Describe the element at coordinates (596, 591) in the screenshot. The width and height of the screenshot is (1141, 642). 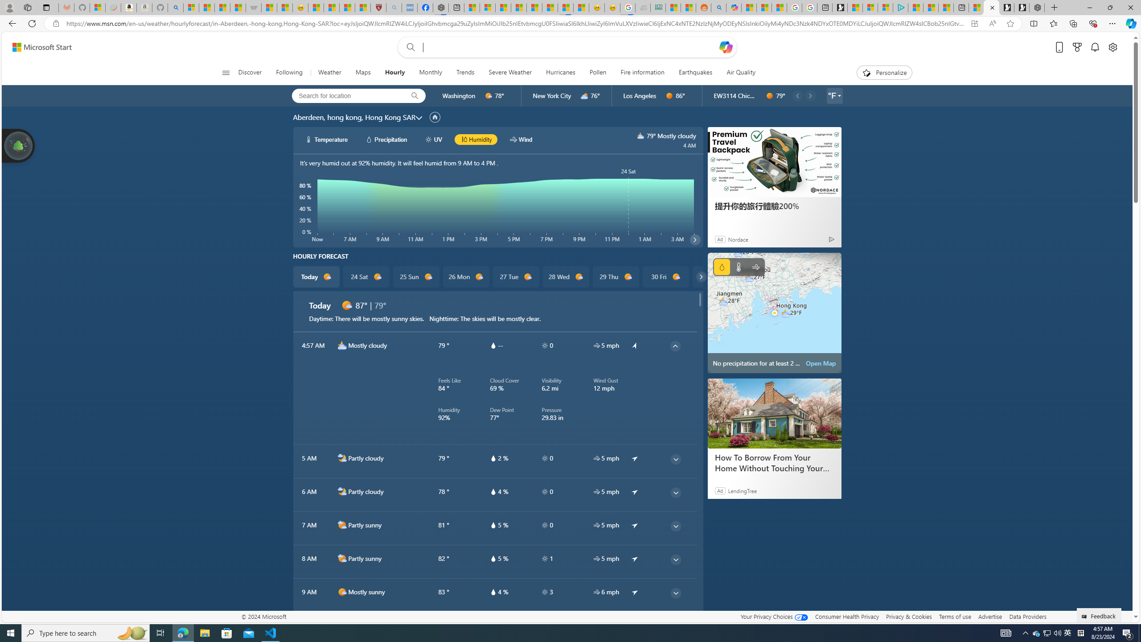
I see `'hourlyTable/wind'` at that location.